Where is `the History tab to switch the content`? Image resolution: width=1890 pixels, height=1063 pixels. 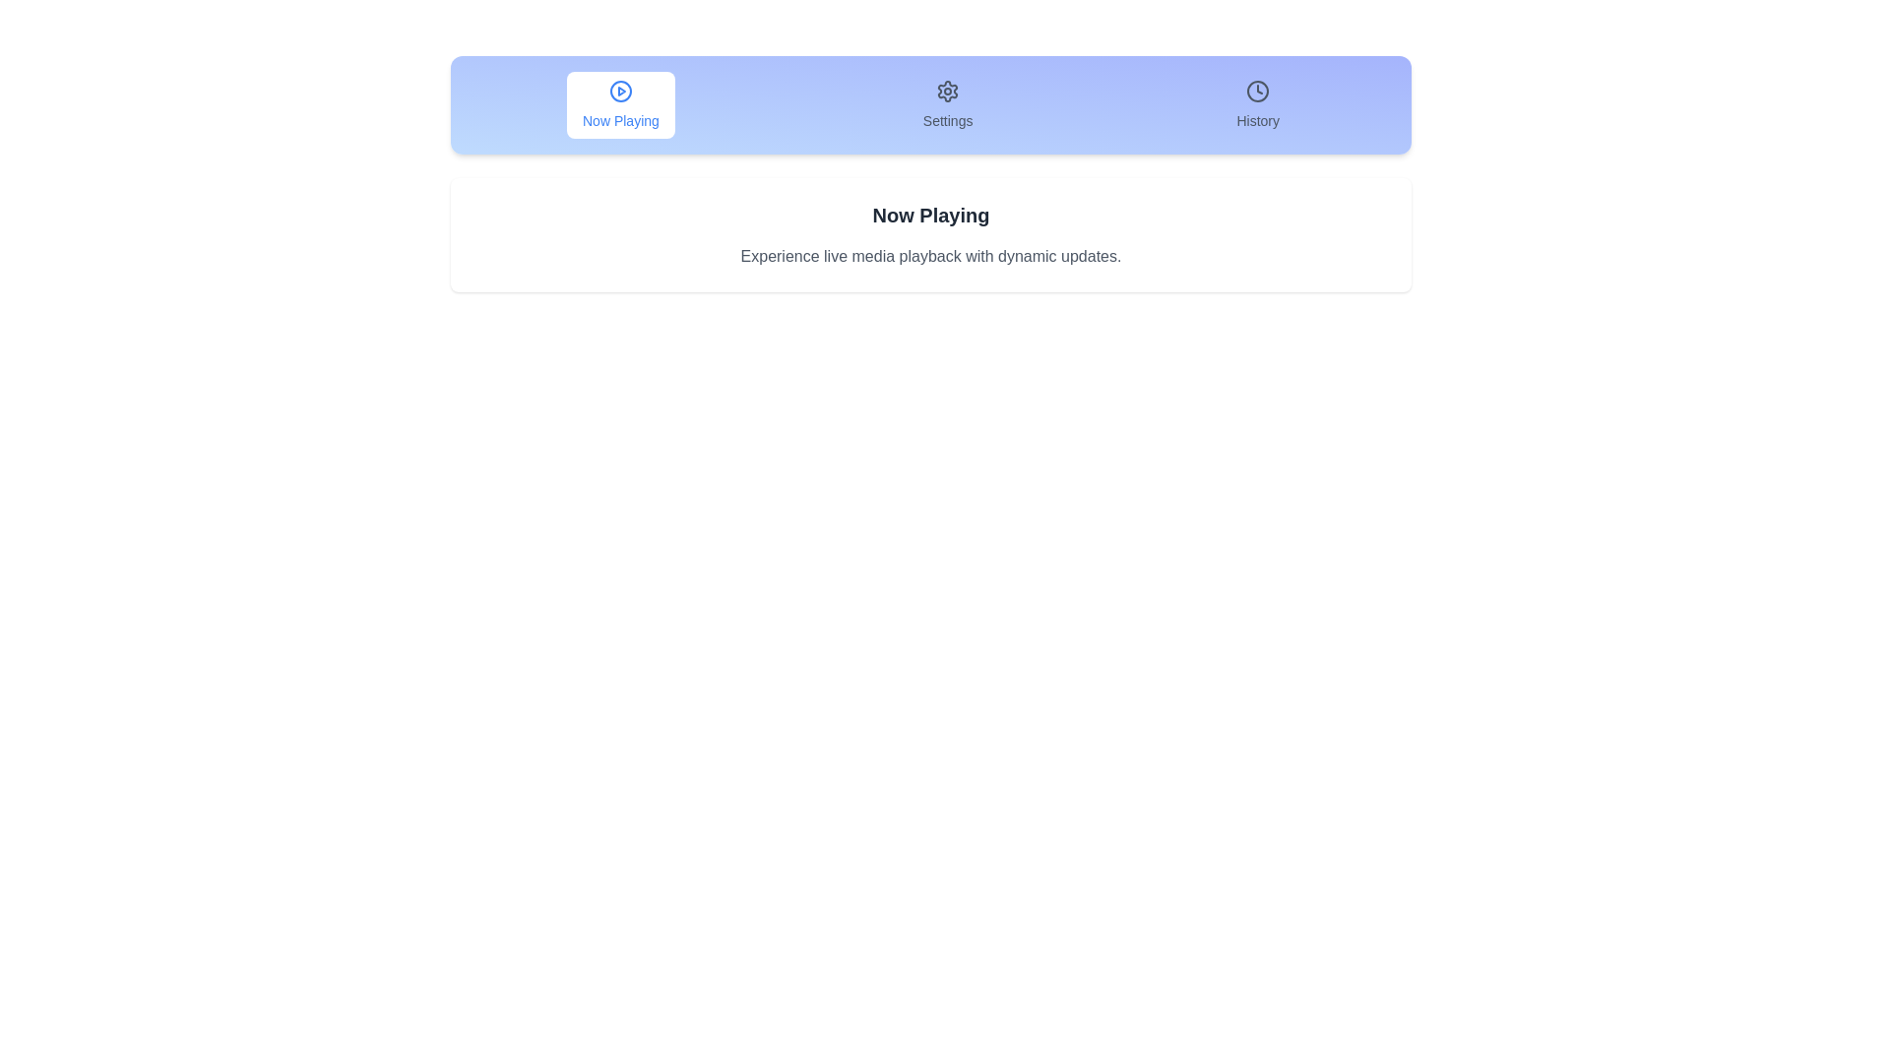 the History tab to switch the content is located at coordinates (1257, 105).